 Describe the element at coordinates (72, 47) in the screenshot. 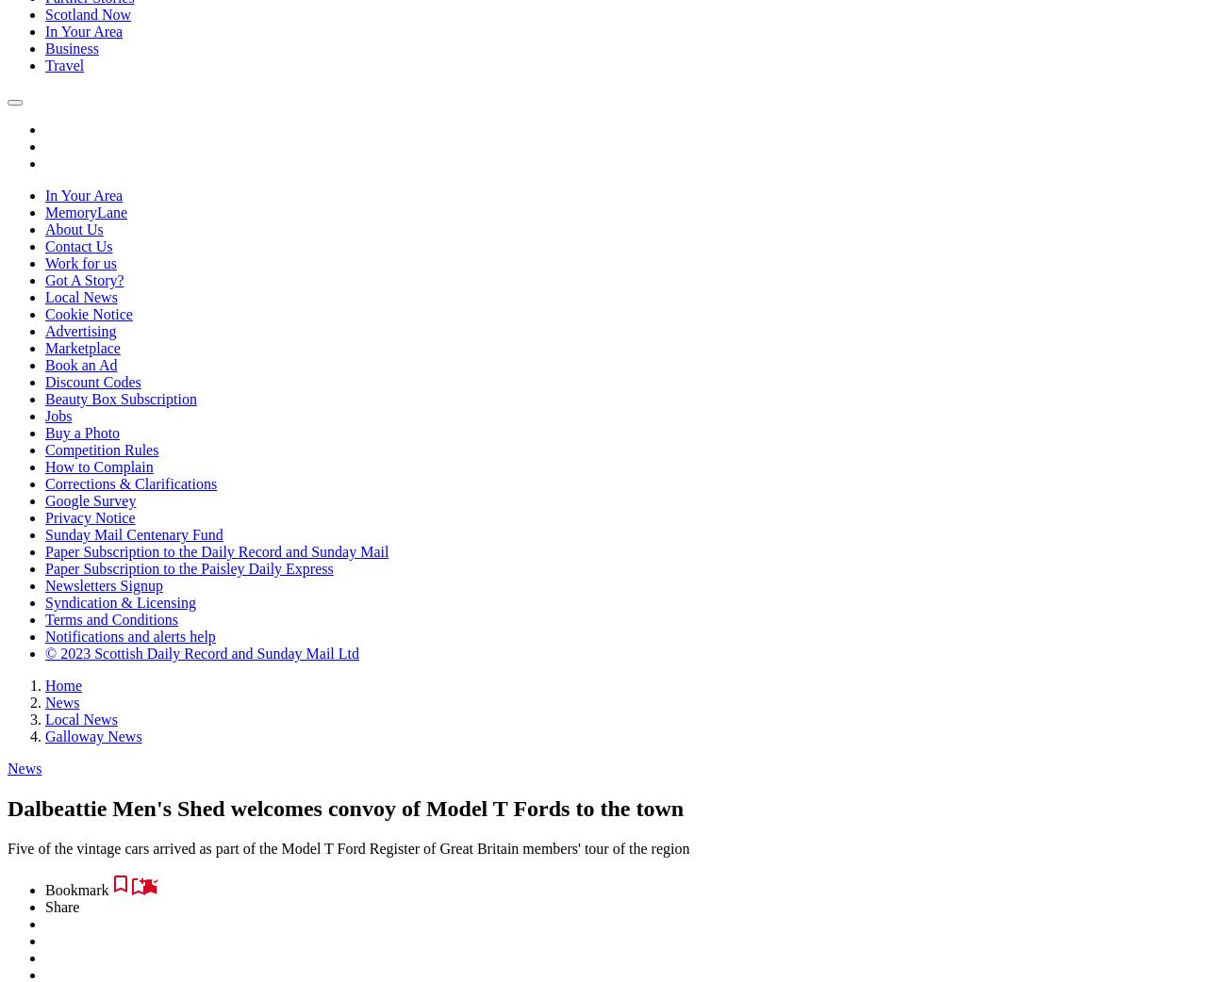

I see `'Business'` at that location.